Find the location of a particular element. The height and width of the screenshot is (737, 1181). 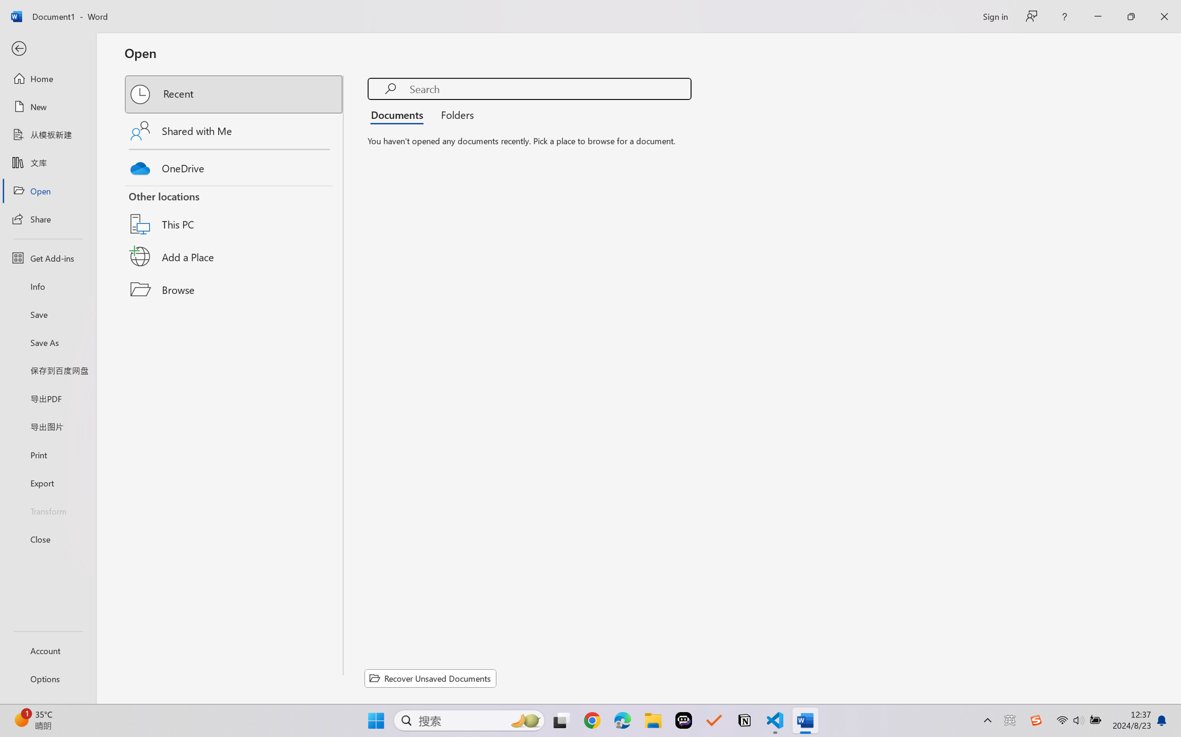

'Get Add-ins' is located at coordinates (47, 257).